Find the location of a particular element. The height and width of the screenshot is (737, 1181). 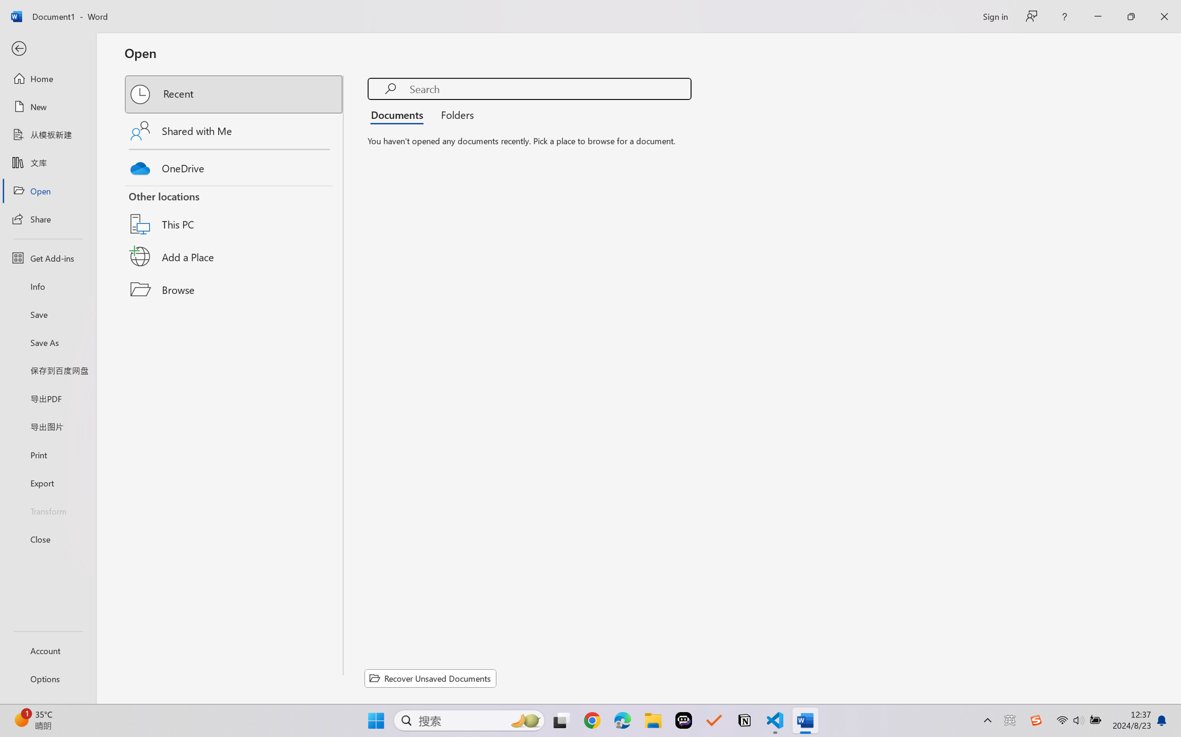

'Get Add-ins' is located at coordinates (47, 257).